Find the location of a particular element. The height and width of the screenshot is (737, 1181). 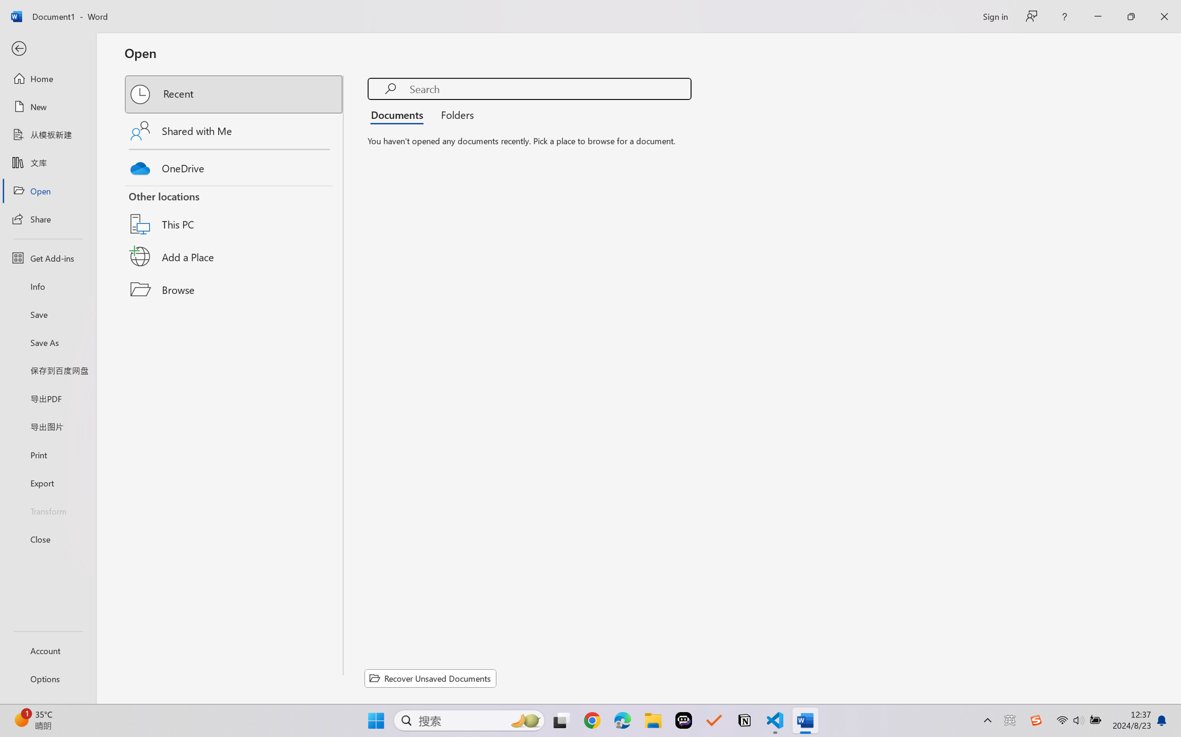

'Get Add-ins' is located at coordinates (47, 257).